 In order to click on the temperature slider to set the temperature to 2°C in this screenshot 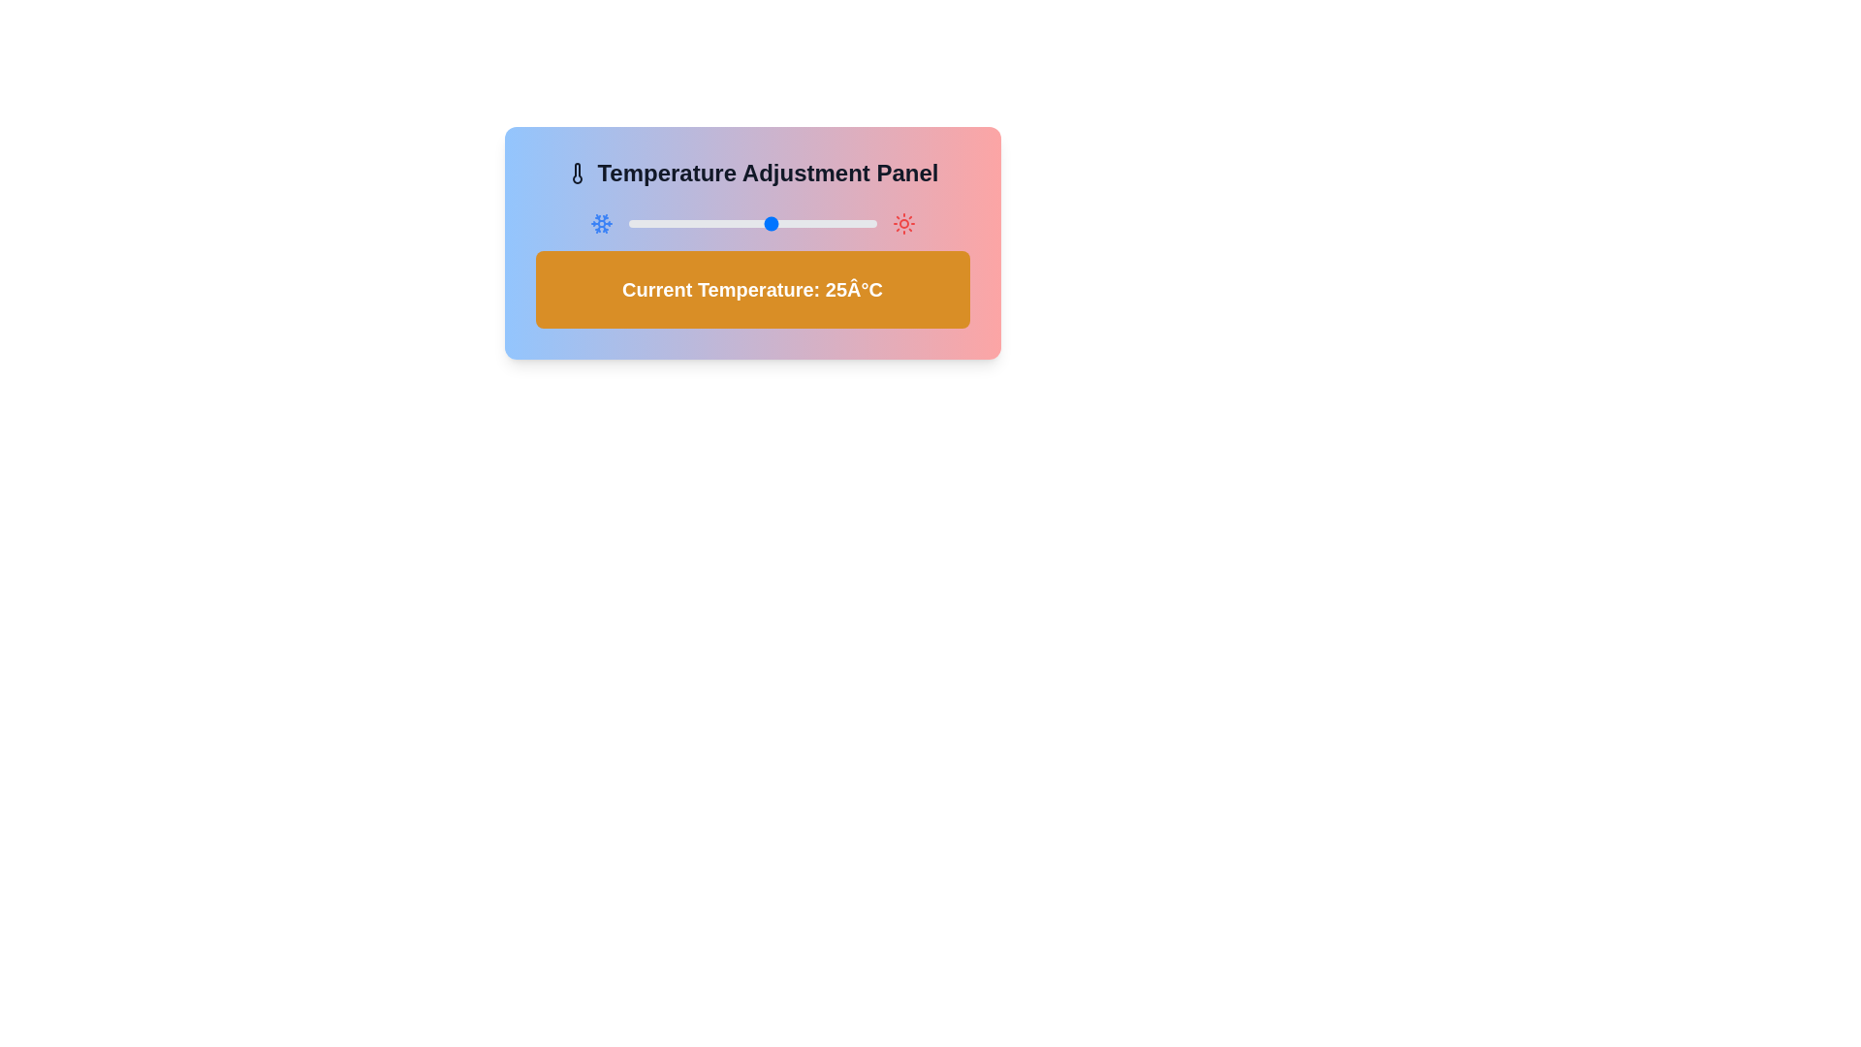, I will do `click(678, 223)`.